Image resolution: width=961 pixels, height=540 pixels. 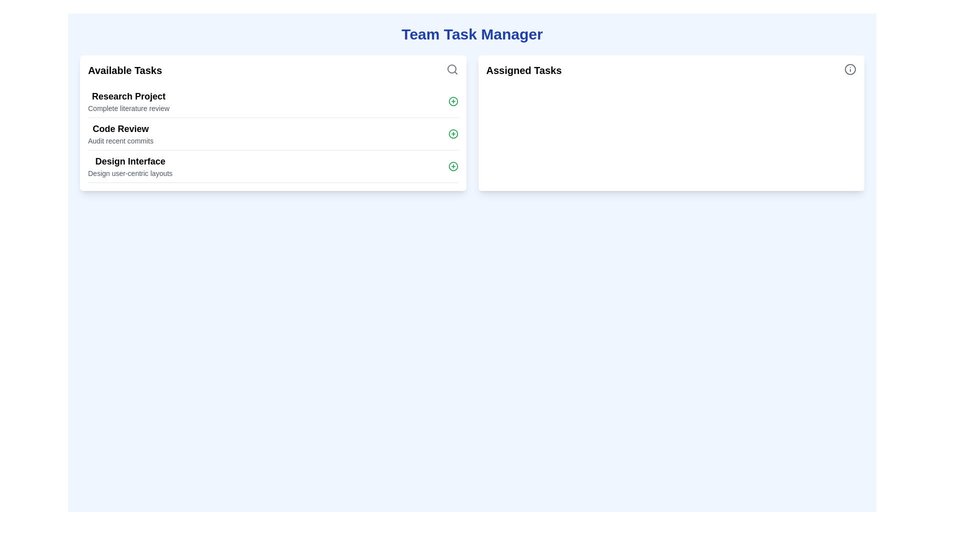 I want to click on the gray text element that reads 'Audit recent commits' located beneath the 'Code Review' title in the 'Available Tasks' list, so click(x=120, y=140).